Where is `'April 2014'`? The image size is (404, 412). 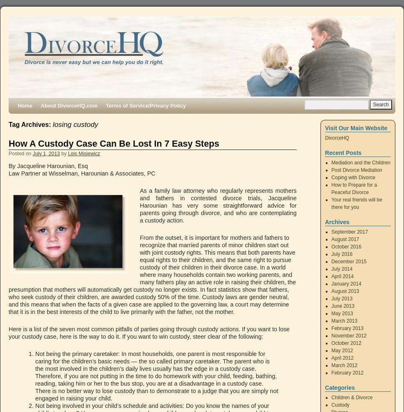
'April 2014' is located at coordinates (331, 276).